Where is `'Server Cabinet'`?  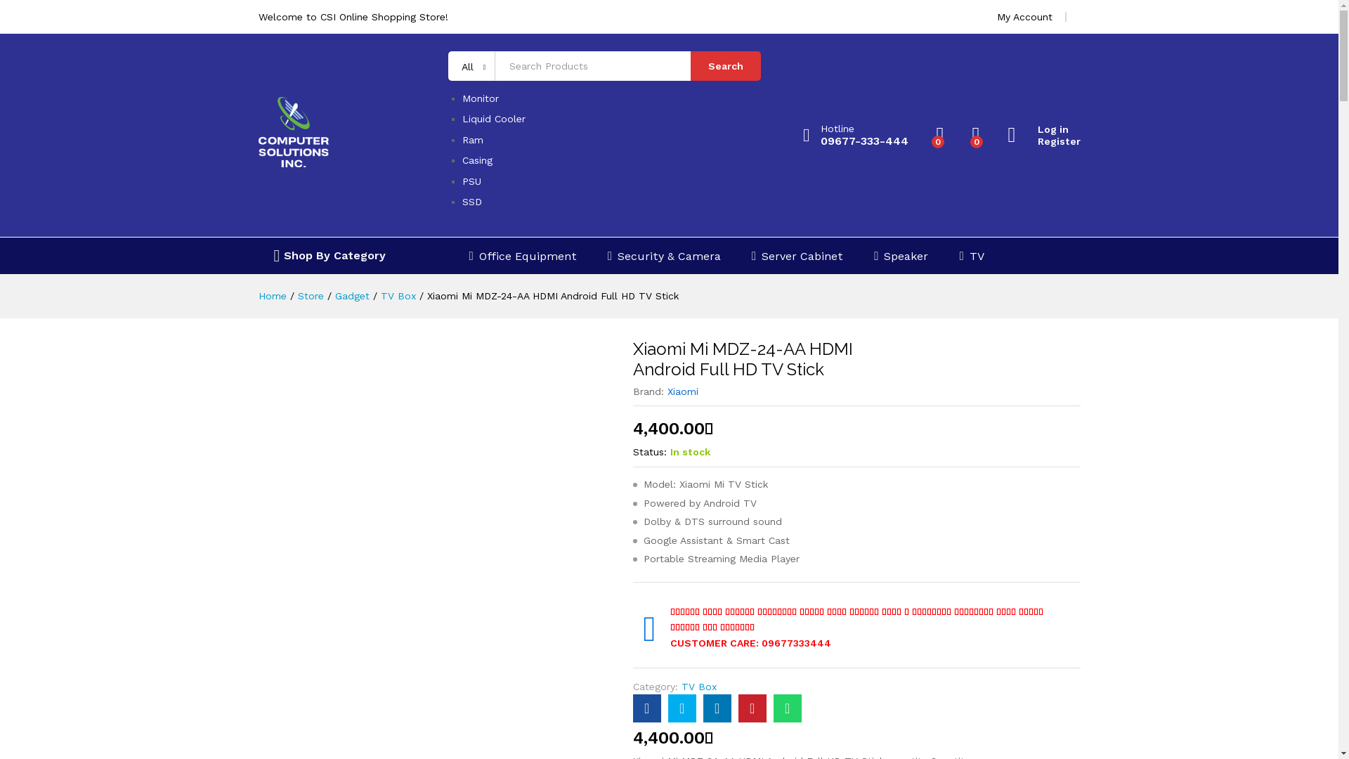
'Server Cabinet' is located at coordinates (797, 256).